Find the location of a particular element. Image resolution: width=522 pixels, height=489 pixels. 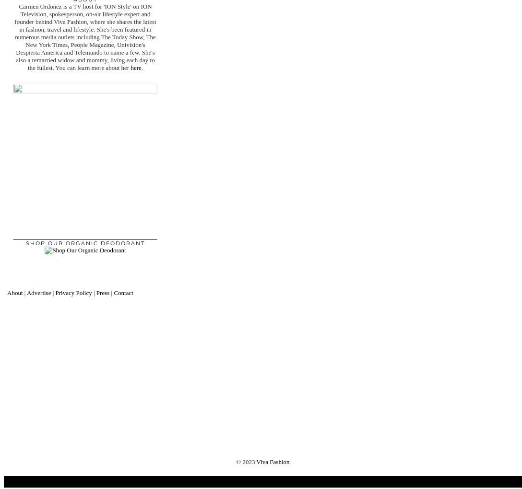

'Privacy Policy' is located at coordinates (72, 292).